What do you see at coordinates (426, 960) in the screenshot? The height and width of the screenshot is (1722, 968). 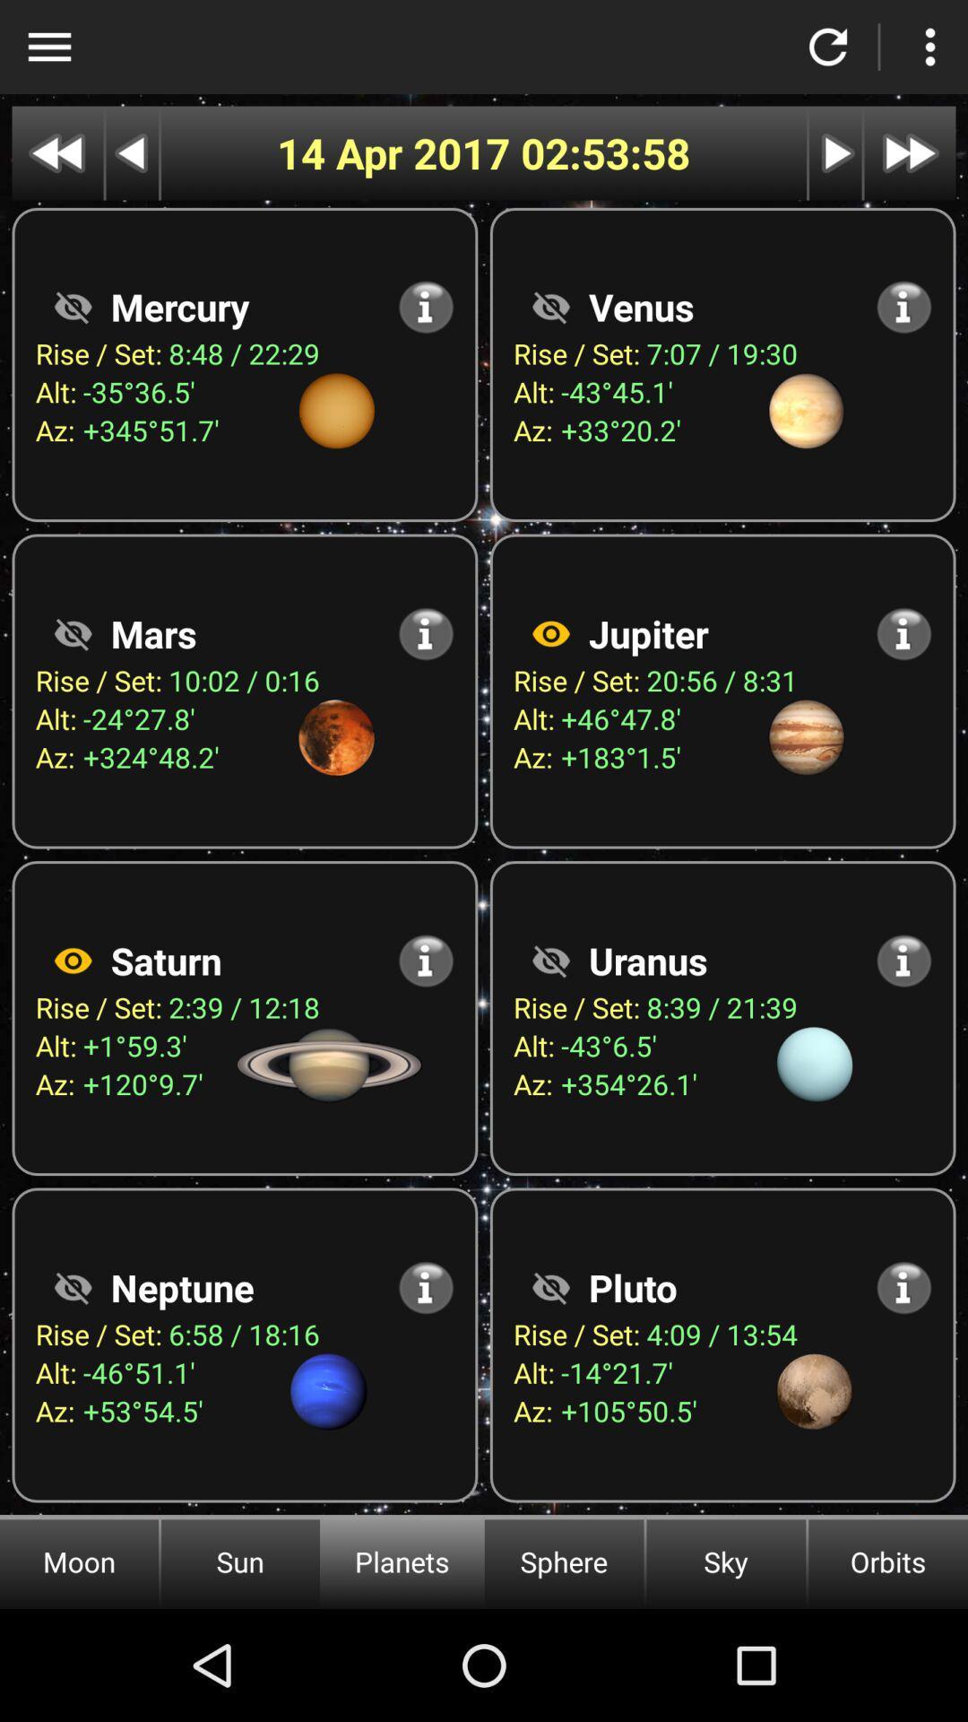 I see `the info icon` at bounding box center [426, 960].